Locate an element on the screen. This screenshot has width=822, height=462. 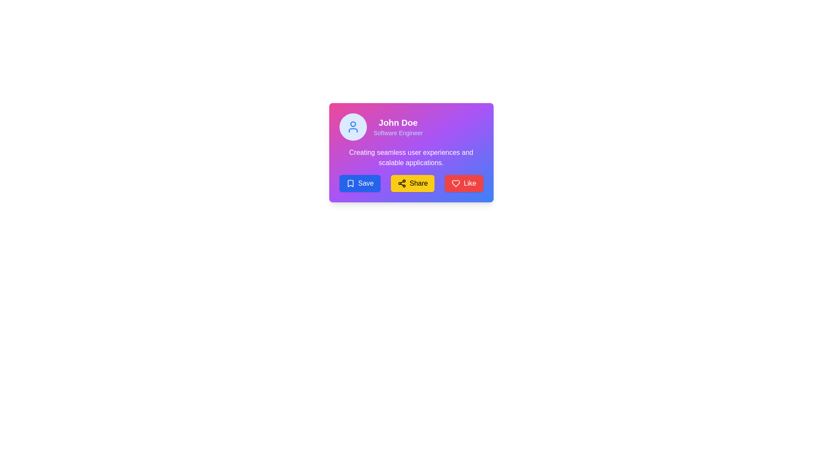
the circular shape element within the user profile card's avatar, which is centrally positioned in the top-left area of the profile card is located at coordinates (353, 124).